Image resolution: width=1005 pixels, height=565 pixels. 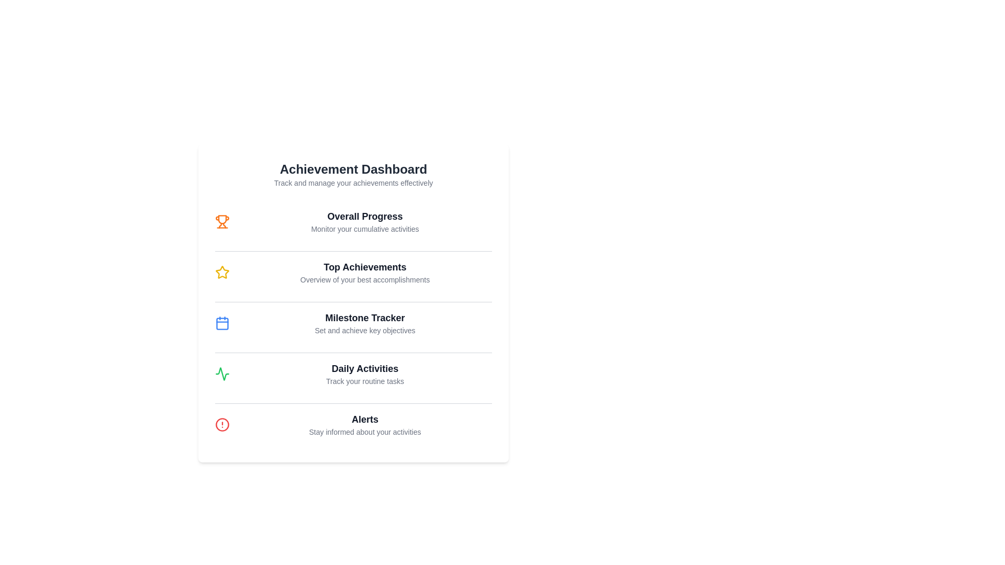 What do you see at coordinates (365, 425) in the screenshot?
I see `the text-based label and description pair that indicates 'Alerts' with a description below it, located in the lower part of the layout` at bounding box center [365, 425].